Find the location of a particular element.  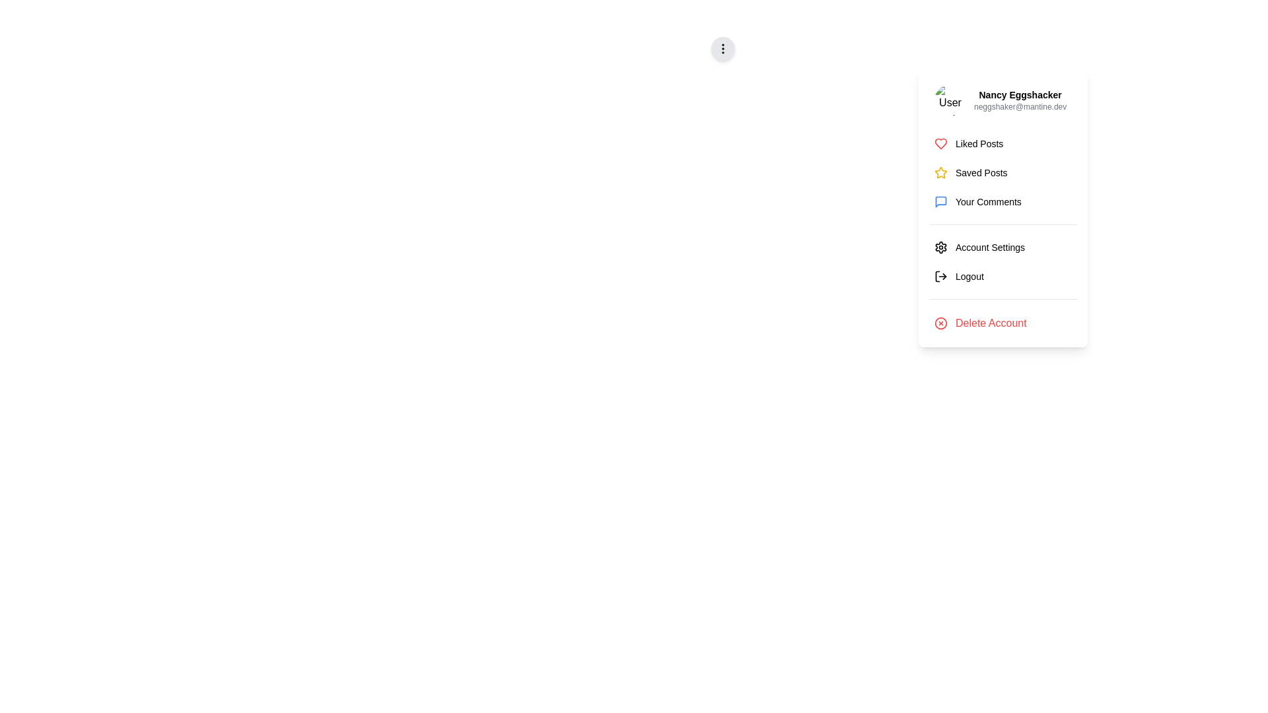

the heart-shaped icon indicating 'Likes' located to the left of the 'Liked Posts' text label in the pop-up menu is located at coordinates (940, 144).